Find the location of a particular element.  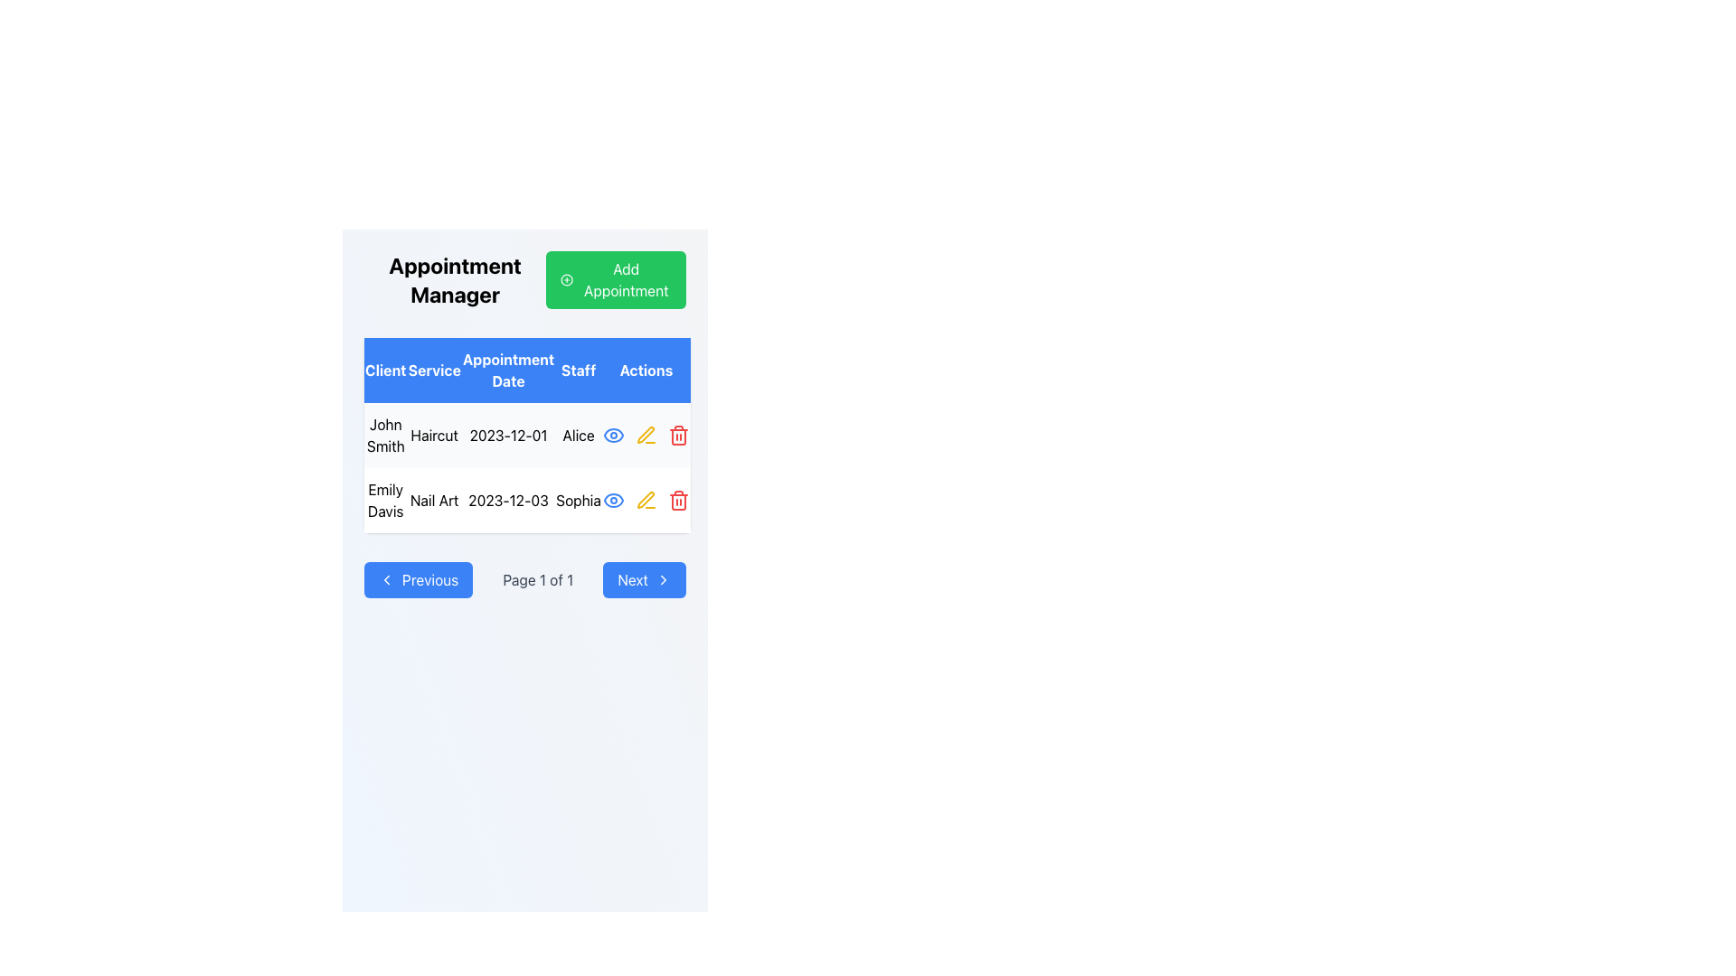

the edit icon in the second row of the 'Actions' column in the table is located at coordinates (646, 436).